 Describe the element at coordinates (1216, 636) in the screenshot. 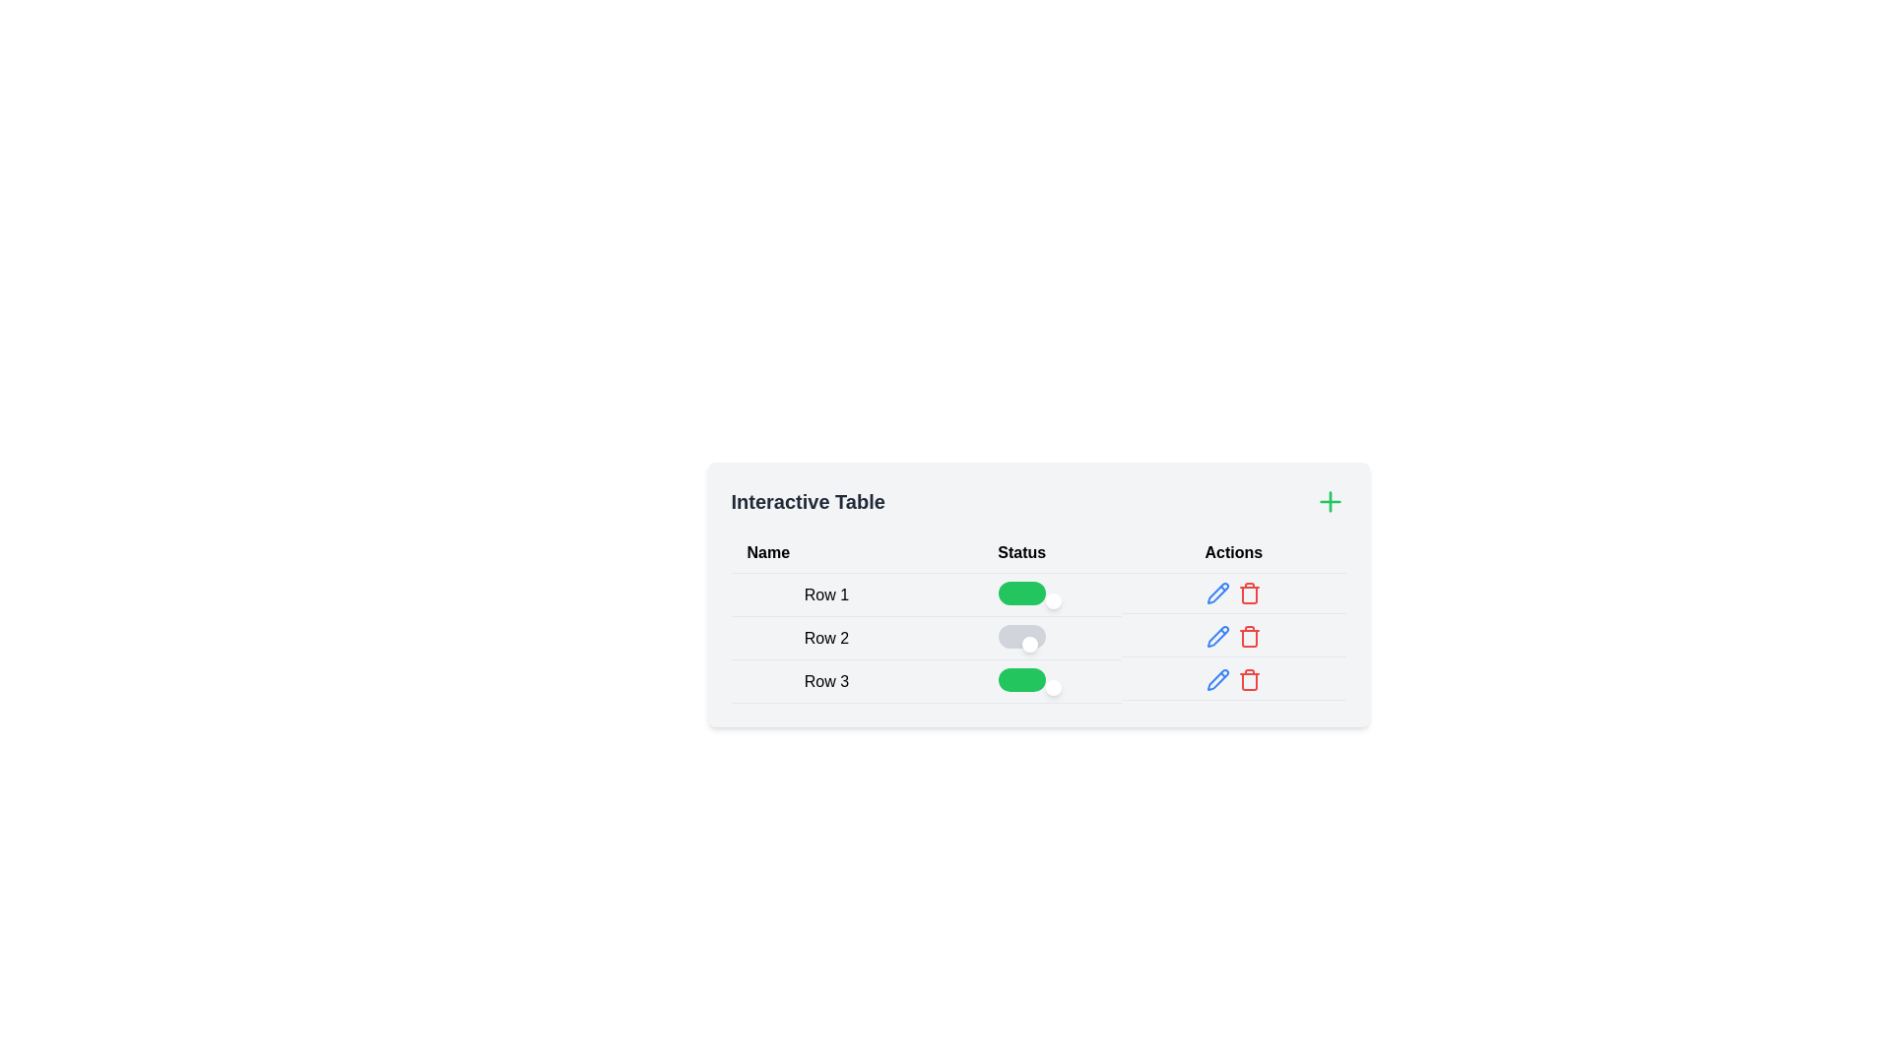

I see `the pencil-like icon in the 'Actions' column of the table for Row 3` at that location.